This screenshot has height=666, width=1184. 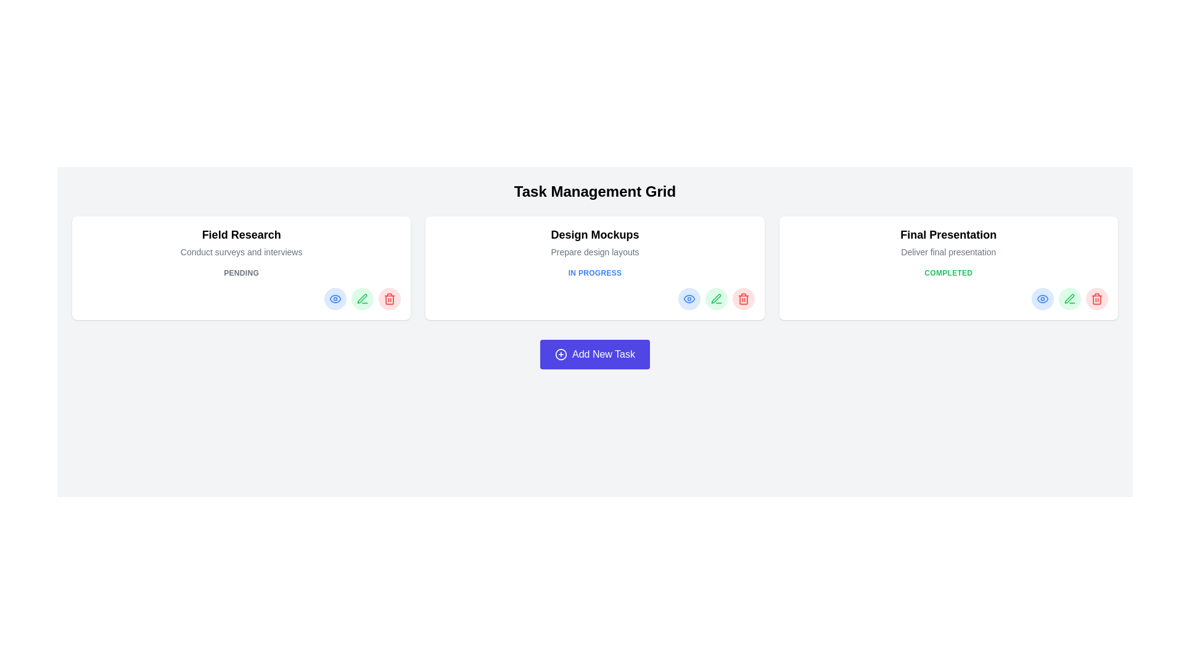 What do you see at coordinates (594, 354) in the screenshot?
I see `the button with a blue background and white text that reads 'Add New Task'` at bounding box center [594, 354].